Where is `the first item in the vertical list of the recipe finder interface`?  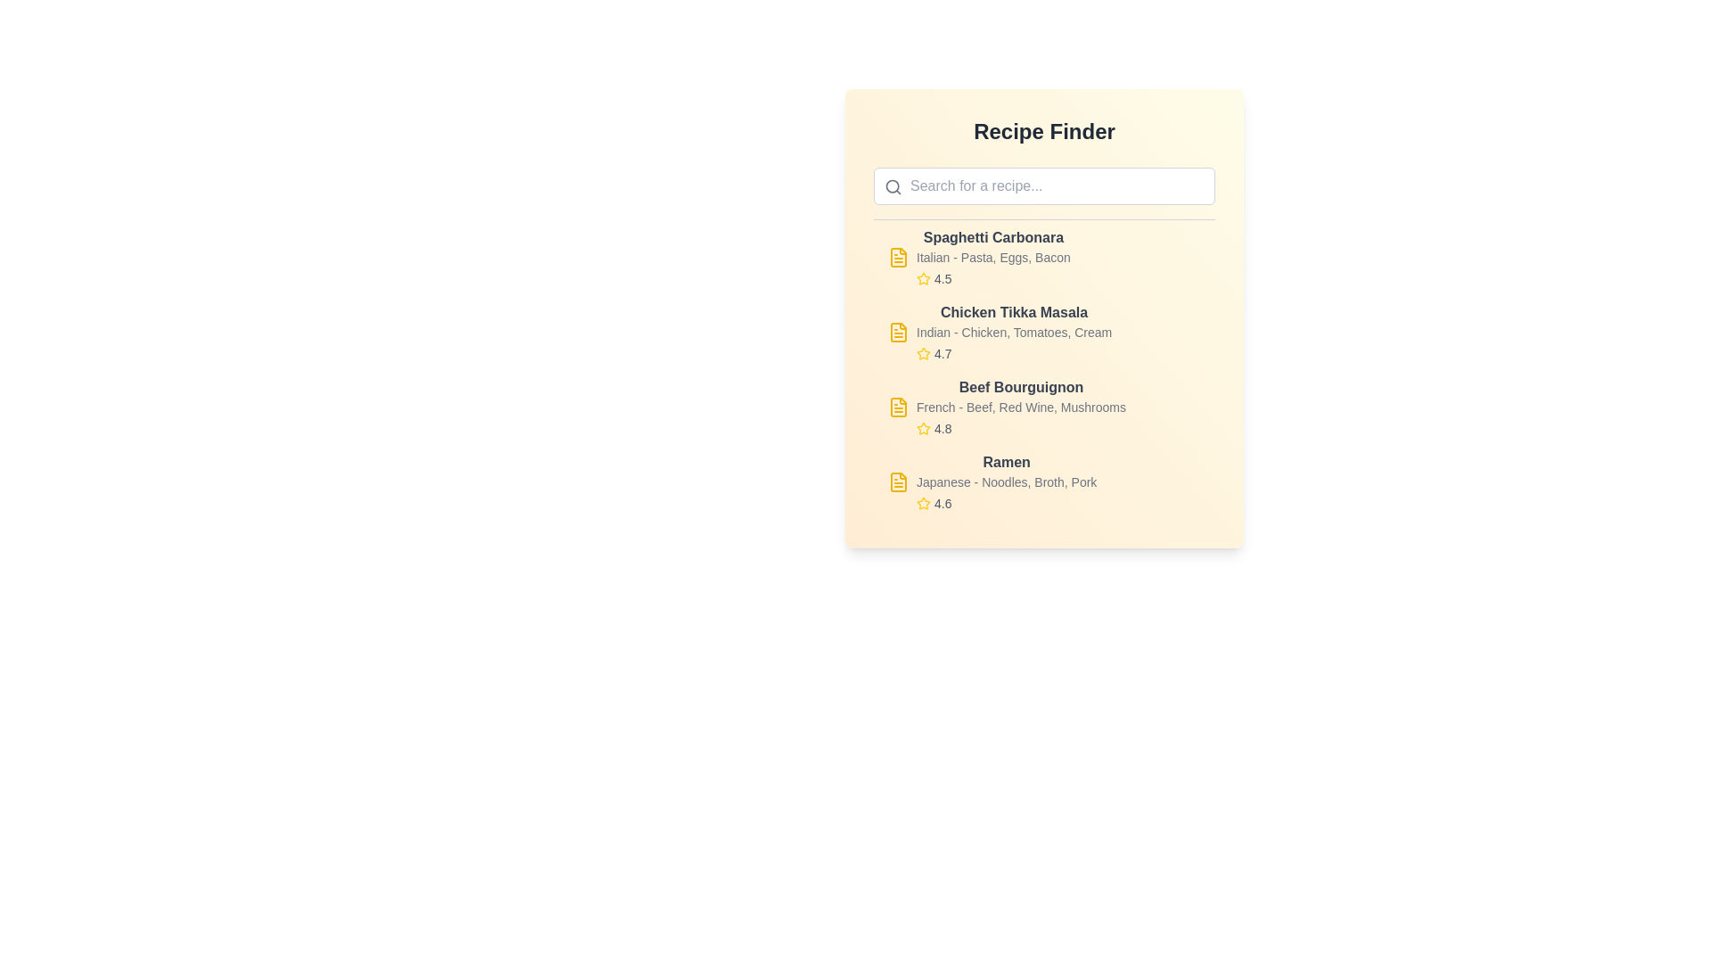 the first item in the vertical list of the recipe finder interface is located at coordinates (992, 258).